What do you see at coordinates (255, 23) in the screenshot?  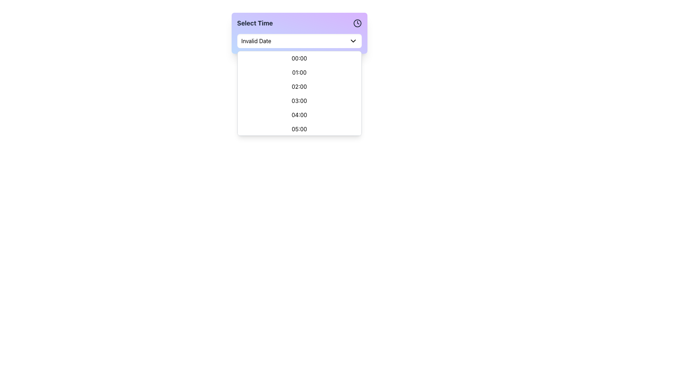 I see `static text that serves as a header for the dropdown element, located at the top-left corner of the purple header section, just to the left of the clock icon` at bounding box center [255, 23].